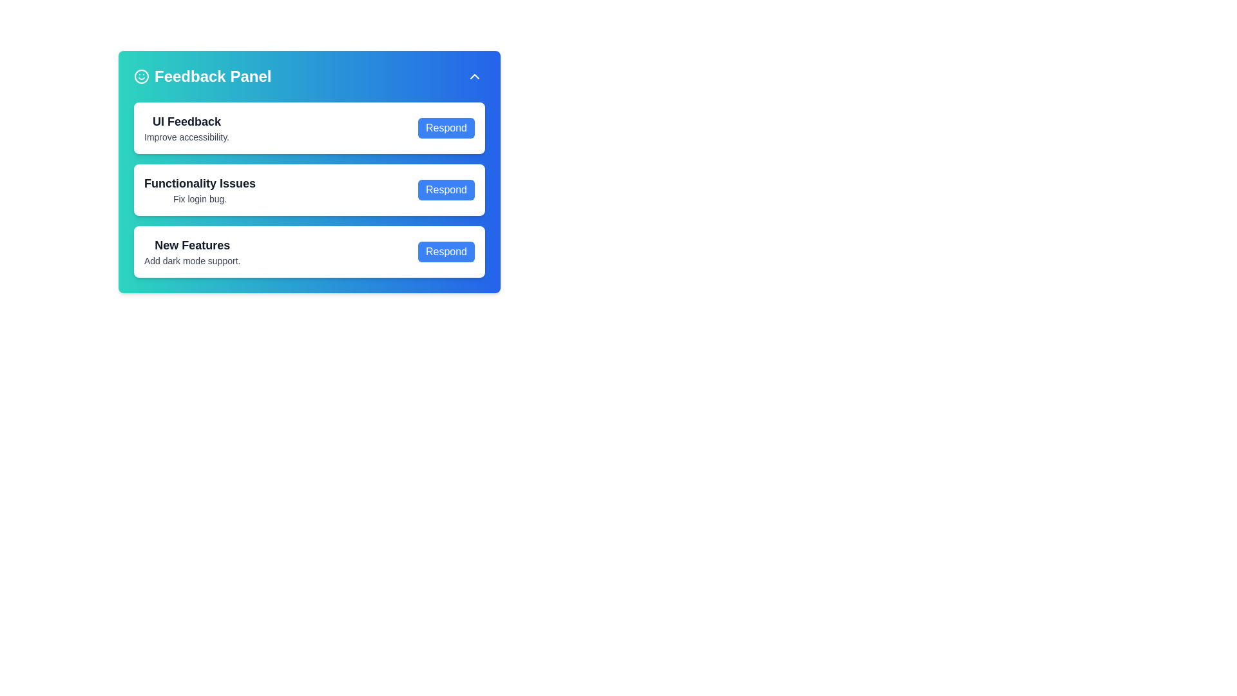 The height and width of the screenshot is (696, 1237). I want to click on the Header text located in the third section of the Feedback Panel, which serves as the title for new features, so click(191, 246).